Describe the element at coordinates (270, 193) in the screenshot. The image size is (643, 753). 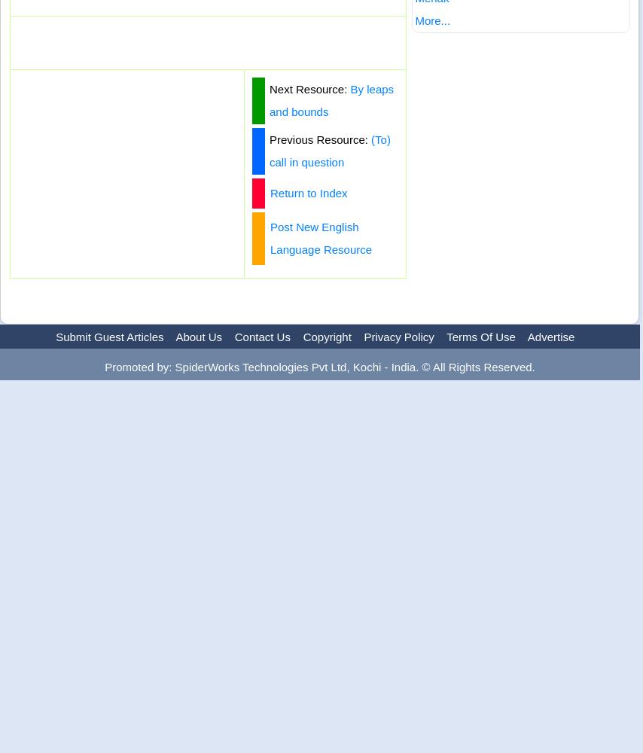
I see `'Return to Index'` at that location.